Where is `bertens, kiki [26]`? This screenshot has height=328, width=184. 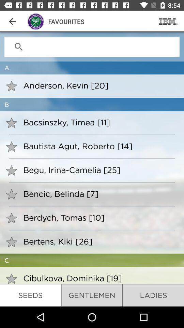
bertens, kiki [26] is located at coordinates (99, 241).